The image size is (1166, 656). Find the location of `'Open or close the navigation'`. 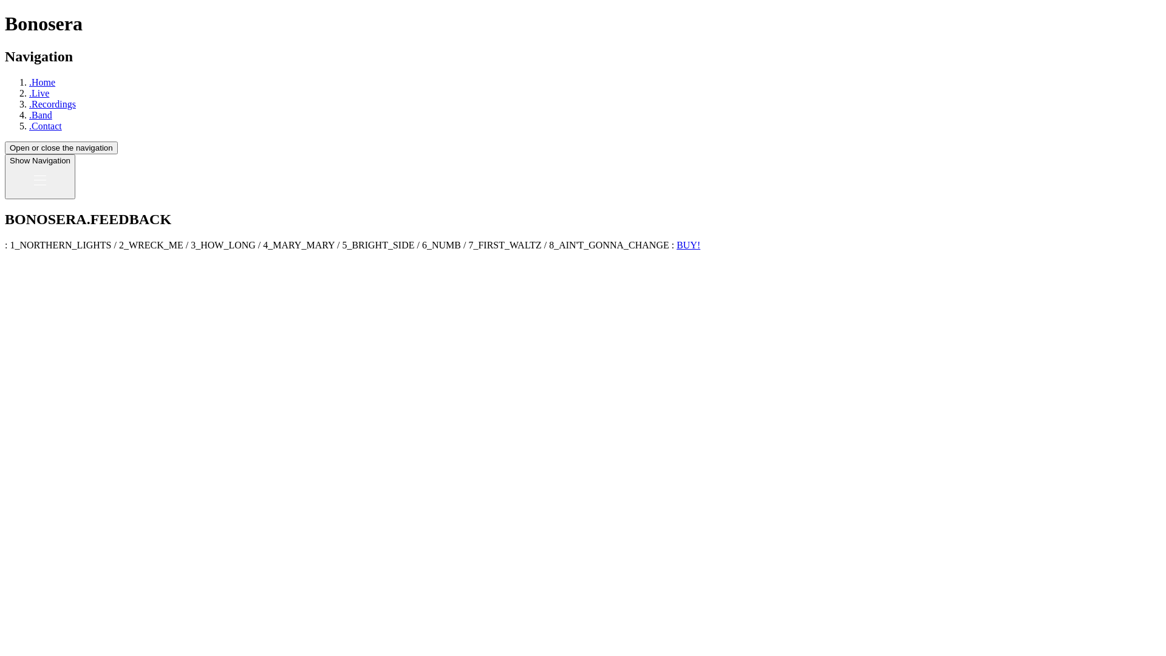

'Open or close the navigation' is located at coordinates (60, 147).